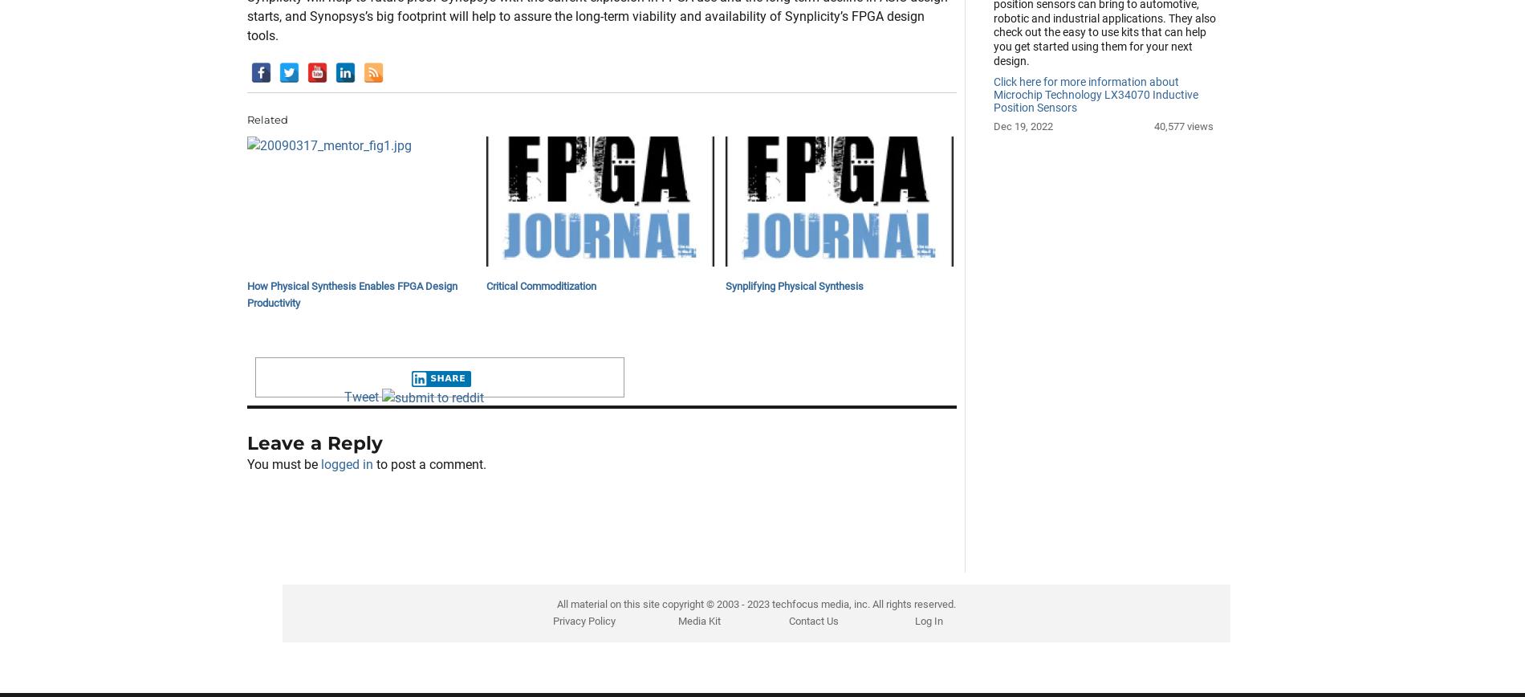 The image size is (1525, 697). Describe the element at coordinates (345, 544) in the screenshot. I see `'logged in'` at that location.